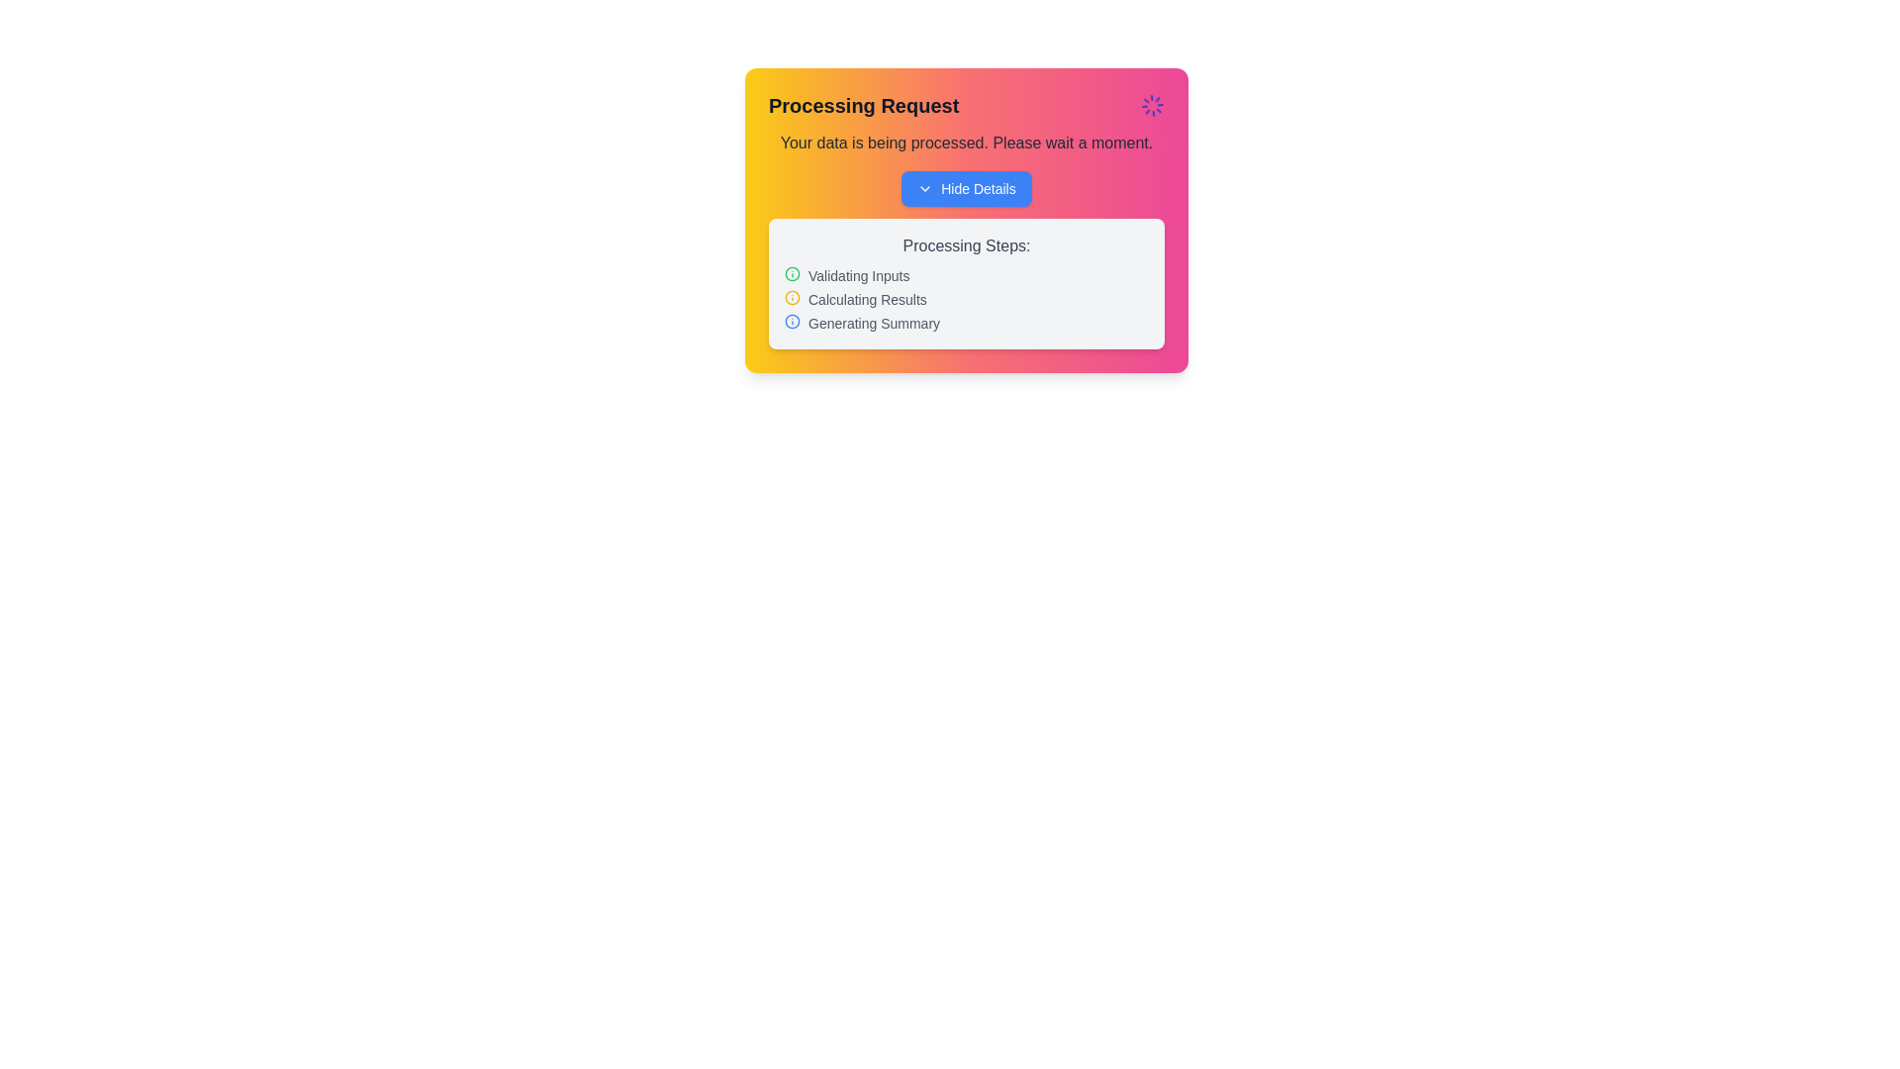 This screenshot has width=1900, height=1069. I want to click on the indigo spinner loader icon located in the top-right corner of the pop-up card, next to the 'Processing Request' text, so click(1153, 106).